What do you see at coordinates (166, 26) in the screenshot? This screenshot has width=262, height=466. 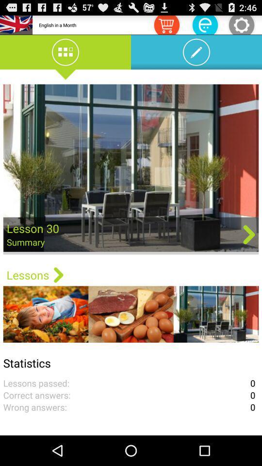 I see `the cart icon` at bounding box center [166, 26].